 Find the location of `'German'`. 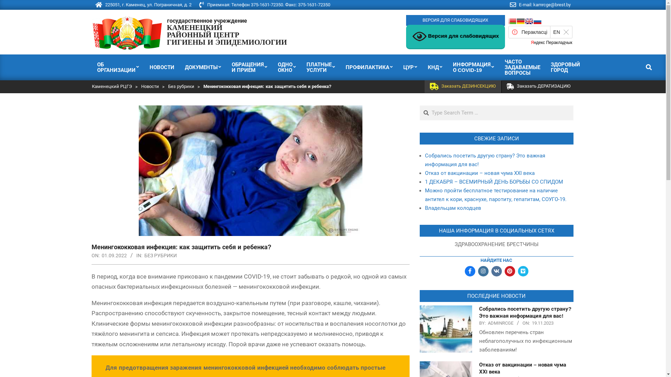

'German' is located at coordinates (520, 21).